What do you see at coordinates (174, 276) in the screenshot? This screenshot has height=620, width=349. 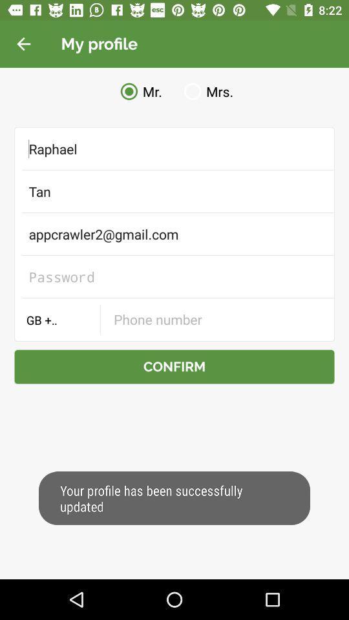 I see `the field is used to type in the login 's password` at bounding box center [174, 276].